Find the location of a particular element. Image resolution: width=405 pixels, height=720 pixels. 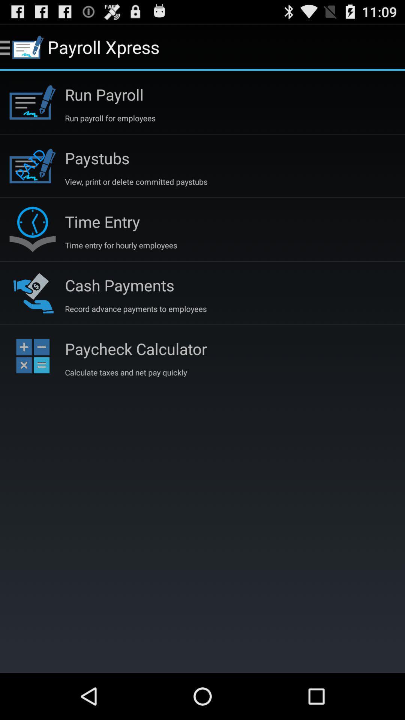

calculate taxes and icon is located at coordinates (125, 372).